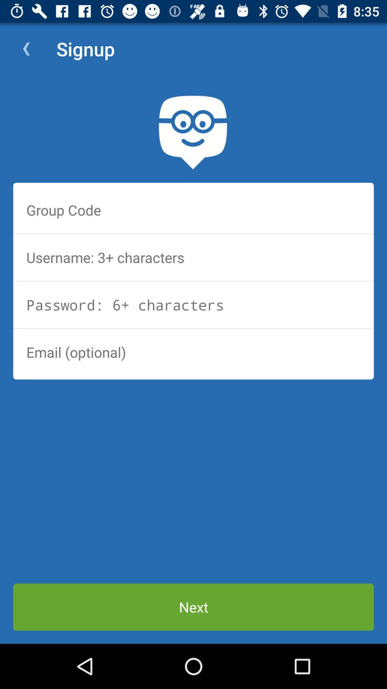 The height and width of the screenshot is (689, 387). What do you see at coordinates (193, 352) in the screenshot?
I see `email address` at bounding box center [193, 352].